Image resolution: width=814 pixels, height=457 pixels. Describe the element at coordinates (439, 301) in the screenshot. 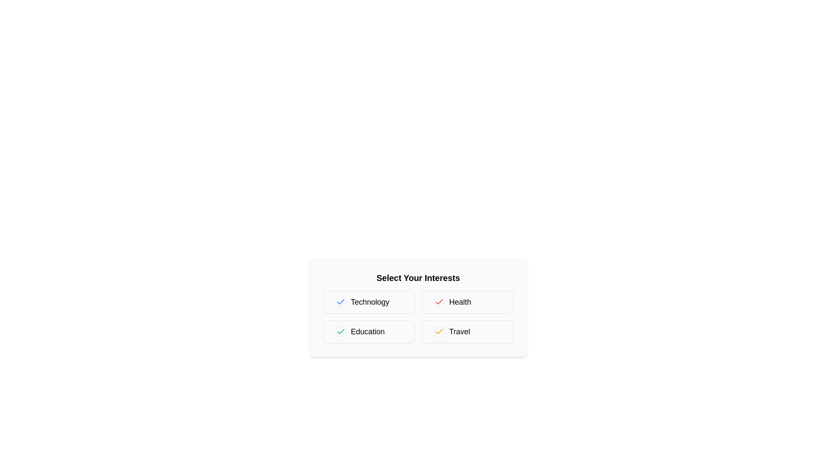

I see `the checkbox for 'Health' to toggle its selection` at that location.